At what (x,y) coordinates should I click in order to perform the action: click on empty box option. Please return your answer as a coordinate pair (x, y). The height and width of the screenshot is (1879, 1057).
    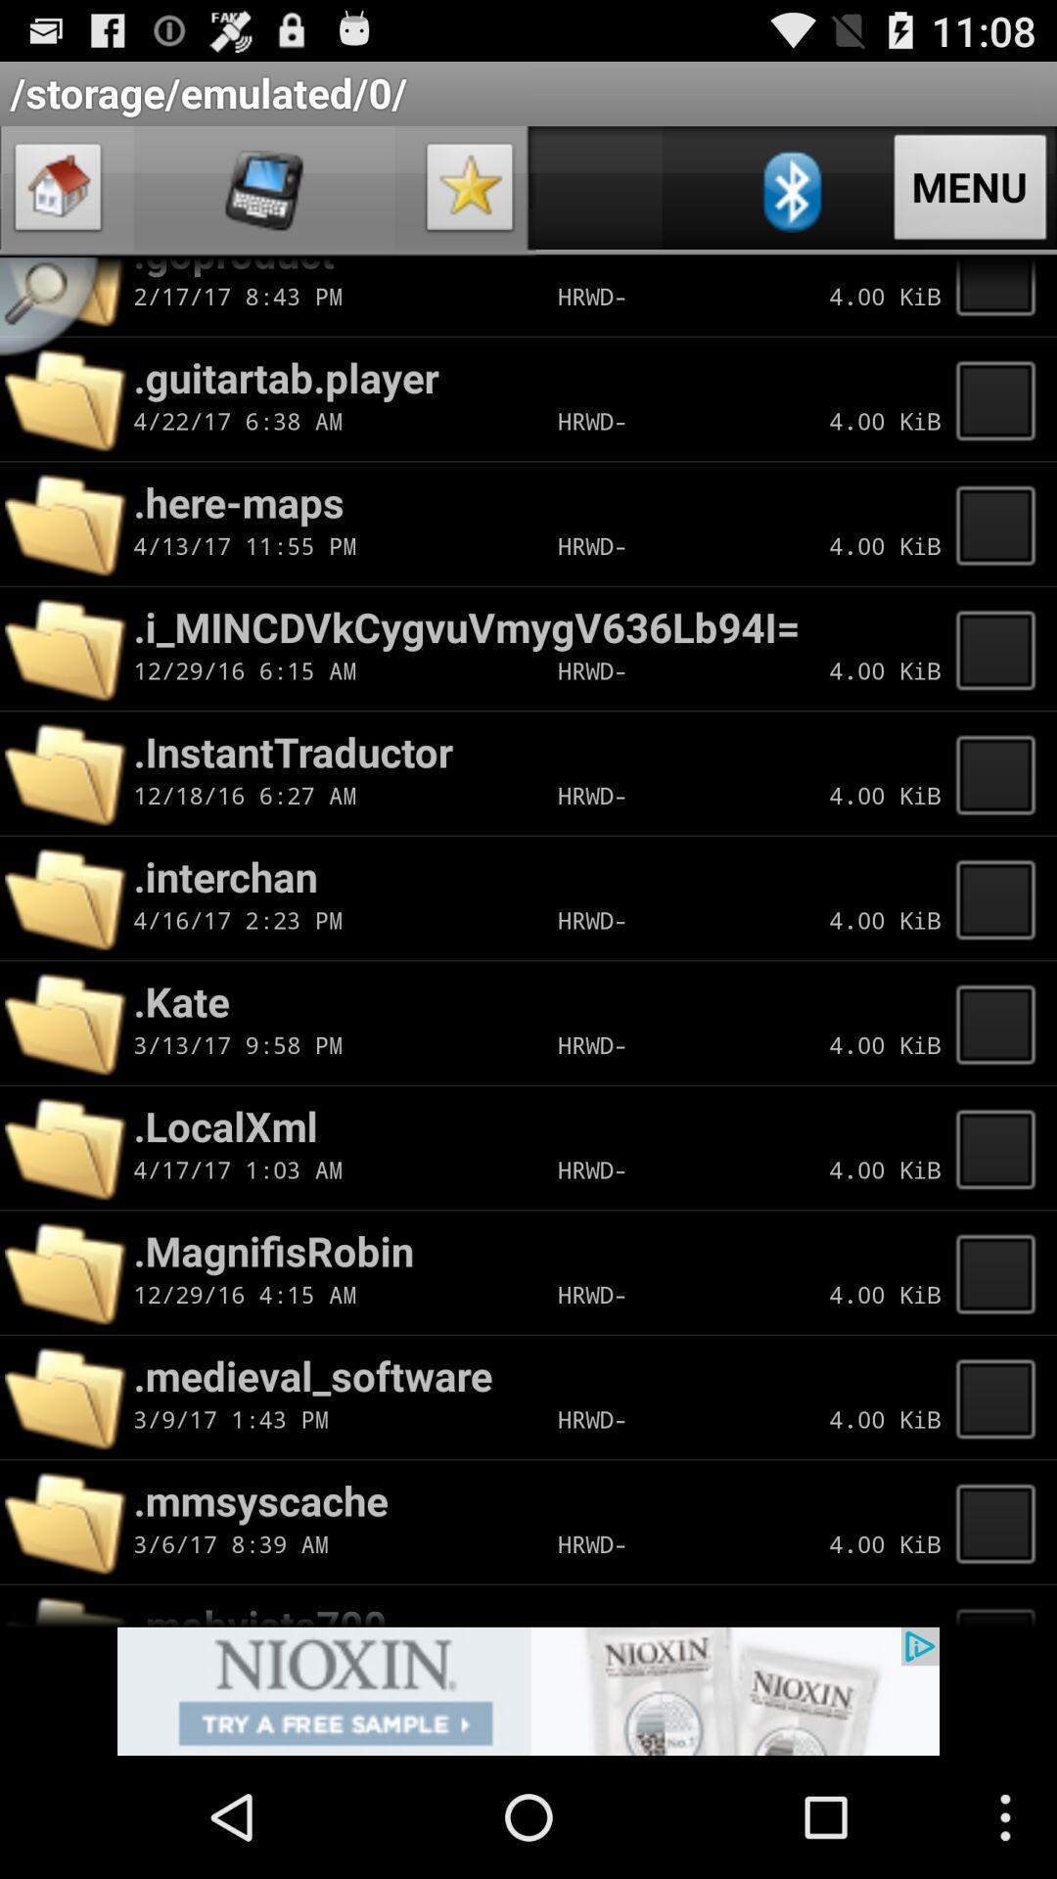
    Looking at the image, I should click on (1001, 1022).